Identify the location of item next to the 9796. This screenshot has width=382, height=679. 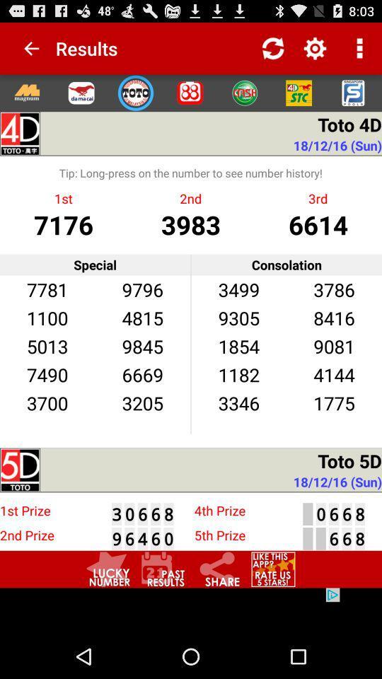
(47, 289).